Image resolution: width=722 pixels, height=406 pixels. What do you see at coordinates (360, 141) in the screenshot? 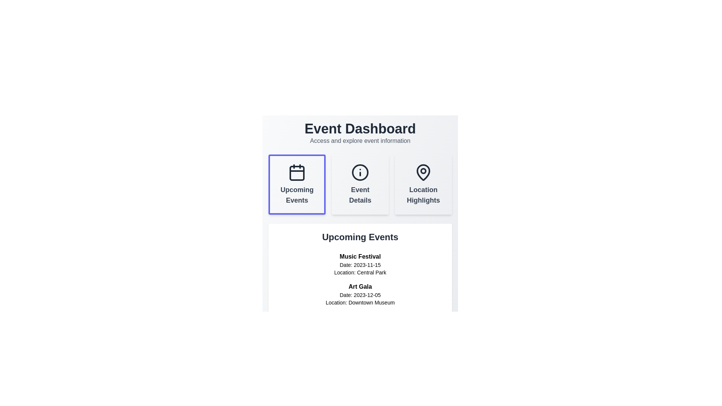
I see `the static text label that provides additional context to the 'Event Dashboard' title, located below it and centered horizontally` at bounding box center [360, 141].